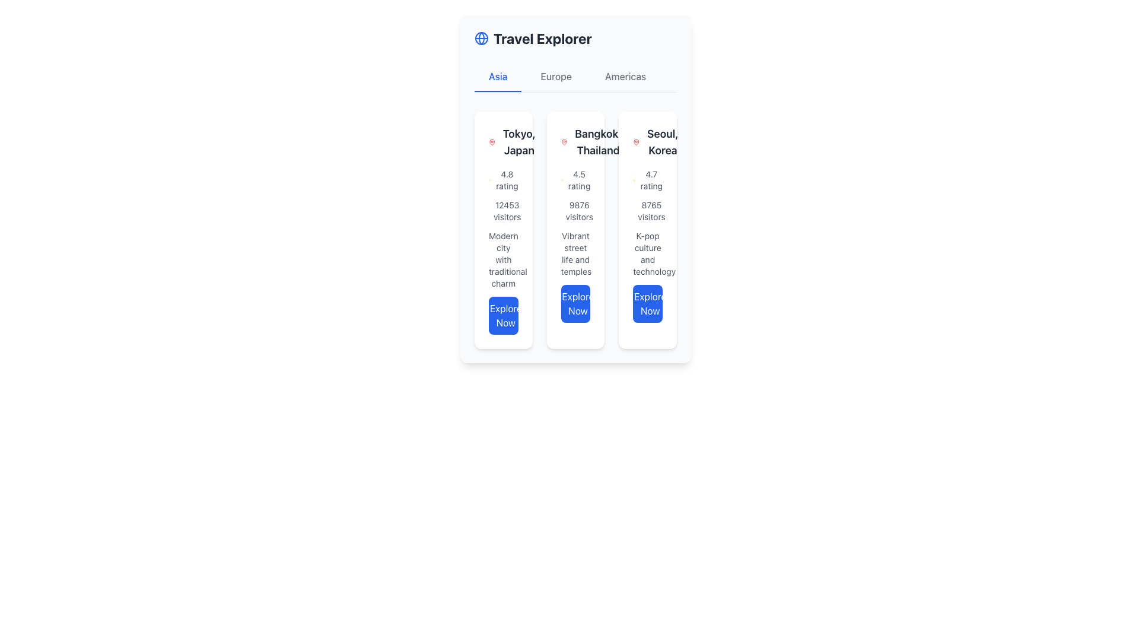  Describe the element at coordinates (662, 141) in the screenshot. I see `text label displaying 'Seoul, Korea' located on the third card in the 'Asia' tab of the 'Travel Explorer' section, positioned below the red location marker icon` at that location.